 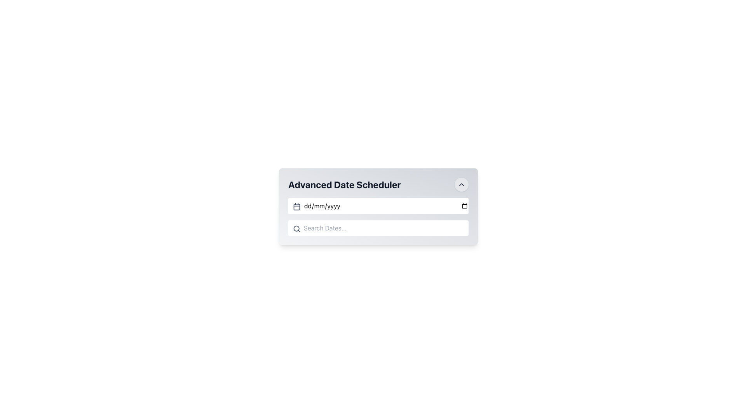 I want to click on the calendar icon within the date picker input field, so click(x=296, y=206).